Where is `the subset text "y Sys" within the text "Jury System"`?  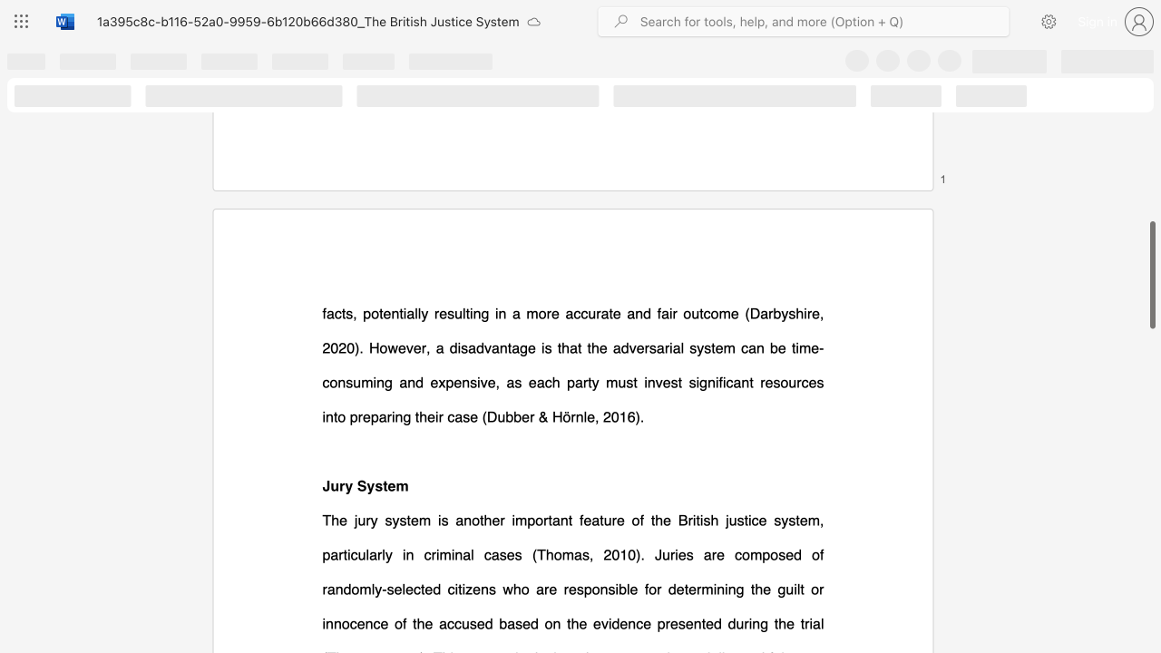 the subset text "y Sys" within the text "Jury System" is located at coordinates (345, 484).